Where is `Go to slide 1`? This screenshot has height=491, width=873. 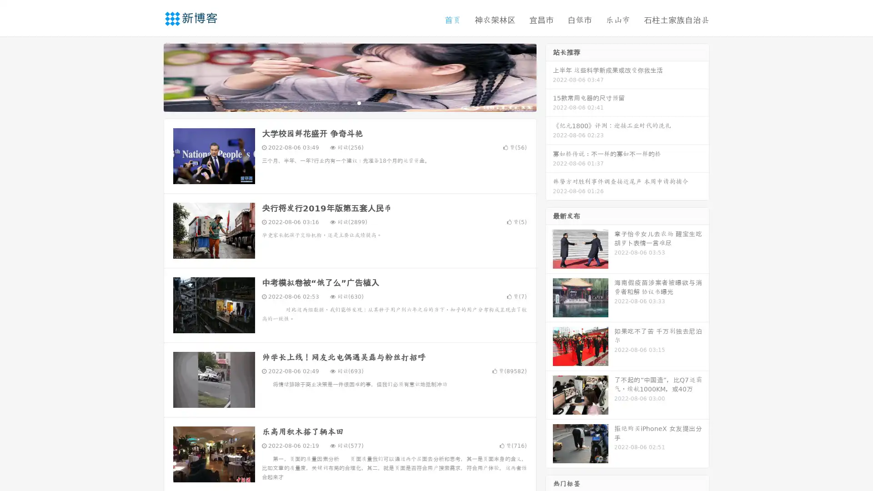
Go to slide 1 is located at coordinates (340, 102).